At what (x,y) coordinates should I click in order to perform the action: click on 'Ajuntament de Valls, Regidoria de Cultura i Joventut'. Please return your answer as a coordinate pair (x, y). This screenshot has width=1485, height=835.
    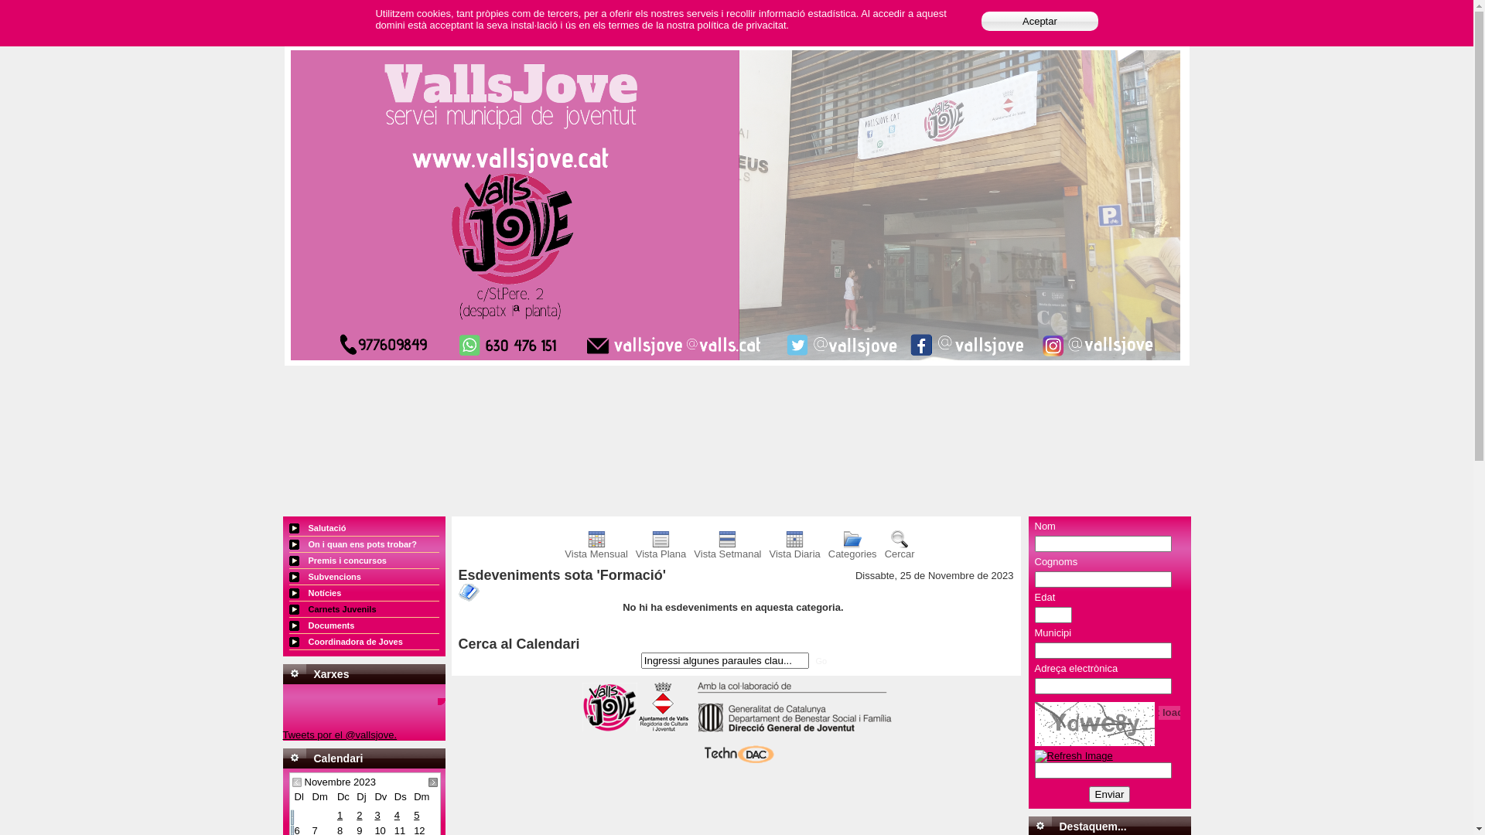
    Looking at the image, I should click on (664, 728).